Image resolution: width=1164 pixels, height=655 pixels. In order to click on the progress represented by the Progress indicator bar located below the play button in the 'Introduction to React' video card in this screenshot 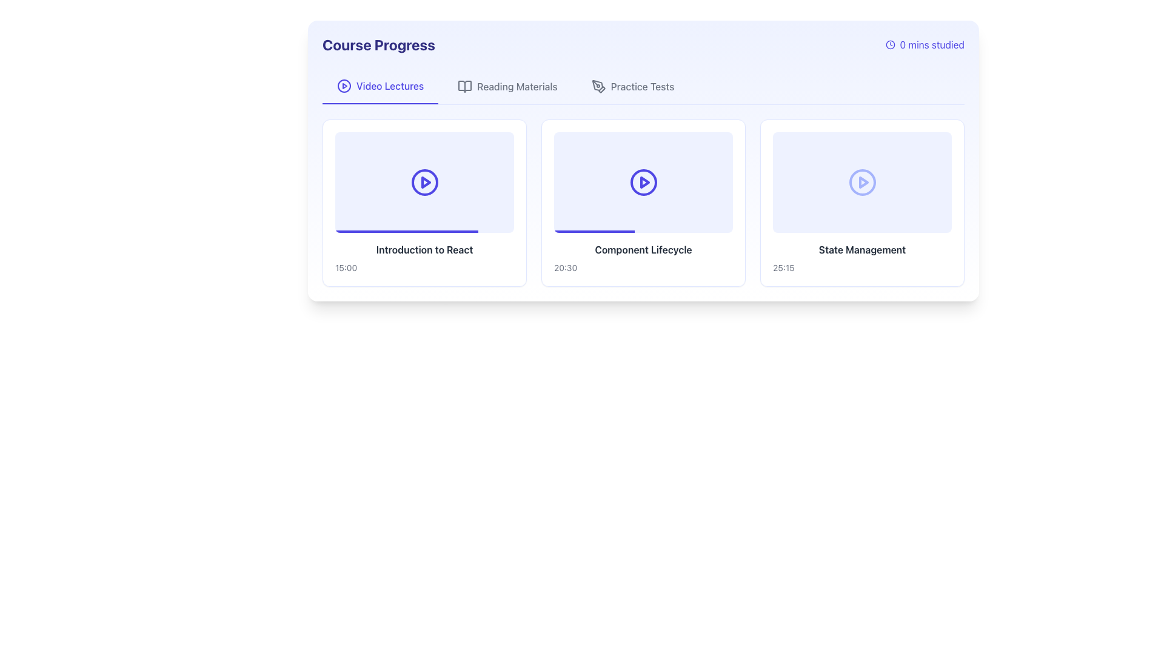, I will do `click(407, 231)`.